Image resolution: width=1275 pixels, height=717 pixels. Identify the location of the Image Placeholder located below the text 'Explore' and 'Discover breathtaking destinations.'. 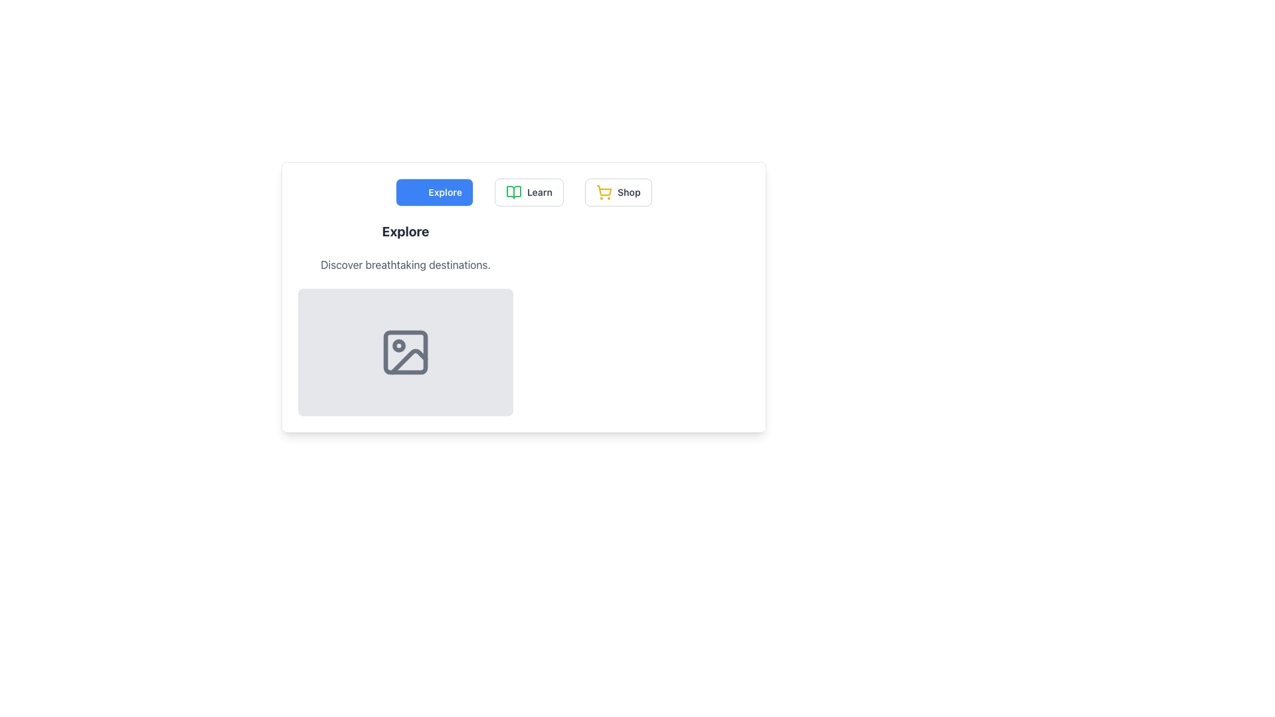
(404, 352).